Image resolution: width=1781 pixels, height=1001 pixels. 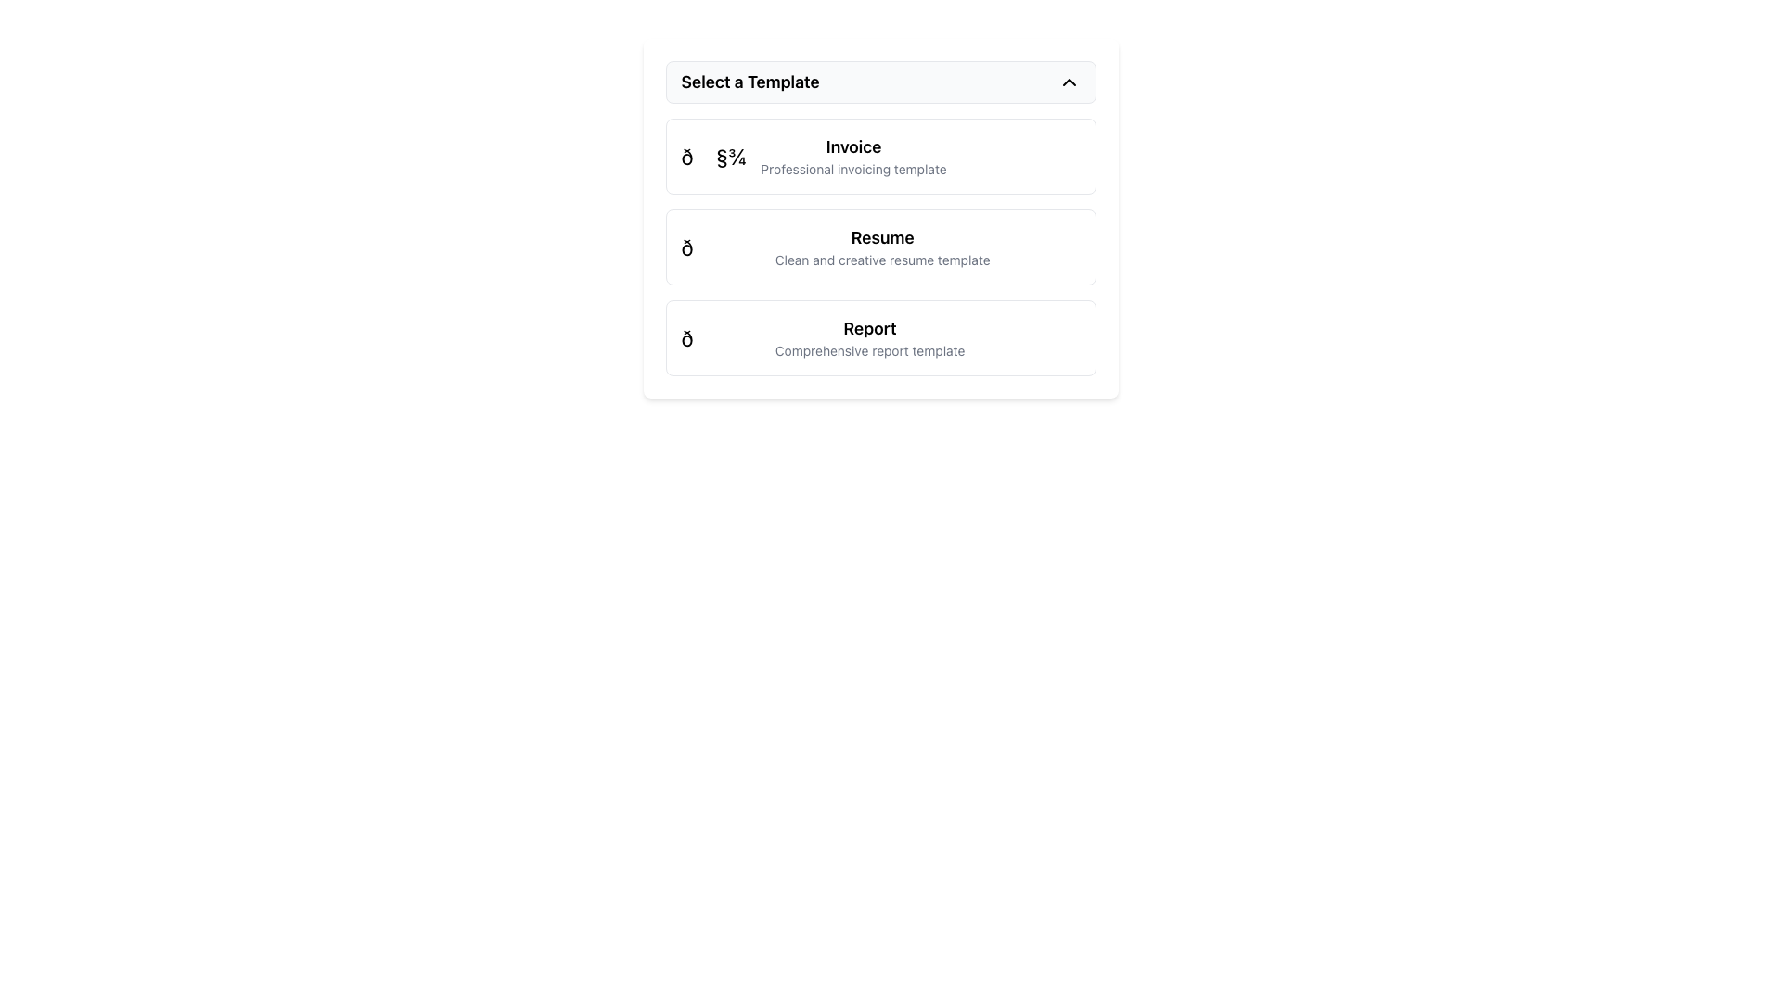 What do you see at coordinates (852, 169) in the screenshot?
I see `descriptive text element displaying 'Professional invoicing template' located directly below the bold heading 'Invoice' in a vertical list of selectable templates` at bounding box center [852, 169].